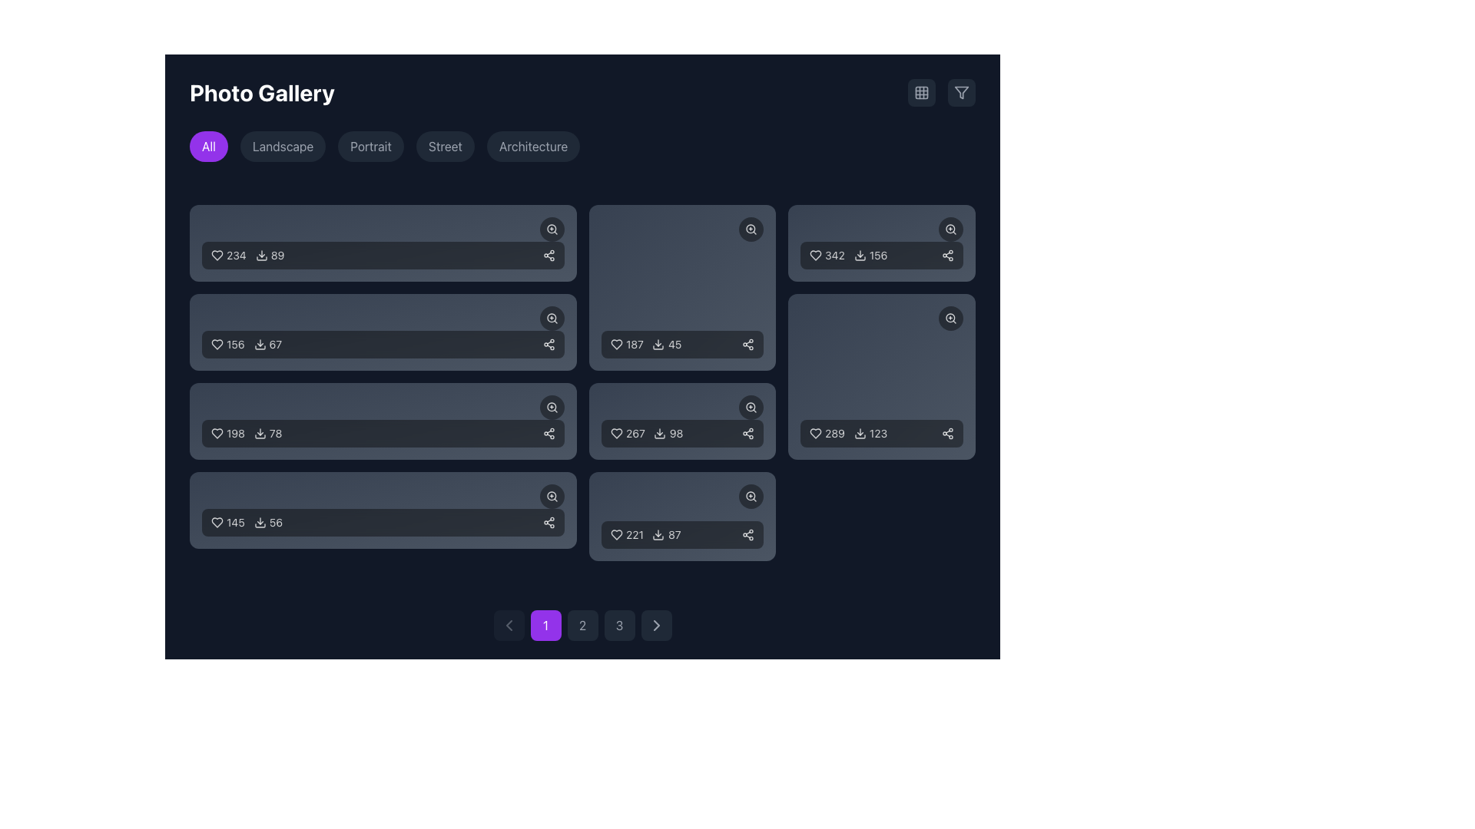 The height and width of the screenshot is (829, 1475). Describe the element at coordinates (676, 433) in the screenshot. I see `the text label displaying the number '98', which is styled in muted white color and located in the bottom-right corner of a grid-style card, next to a download icon` at that location.